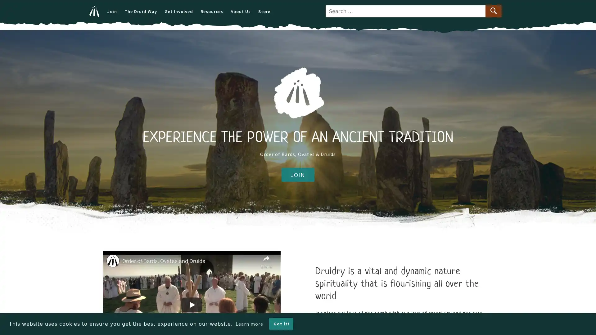 The image size is (596, 335). I want to click on learn more about cookies, so click(249, 324).